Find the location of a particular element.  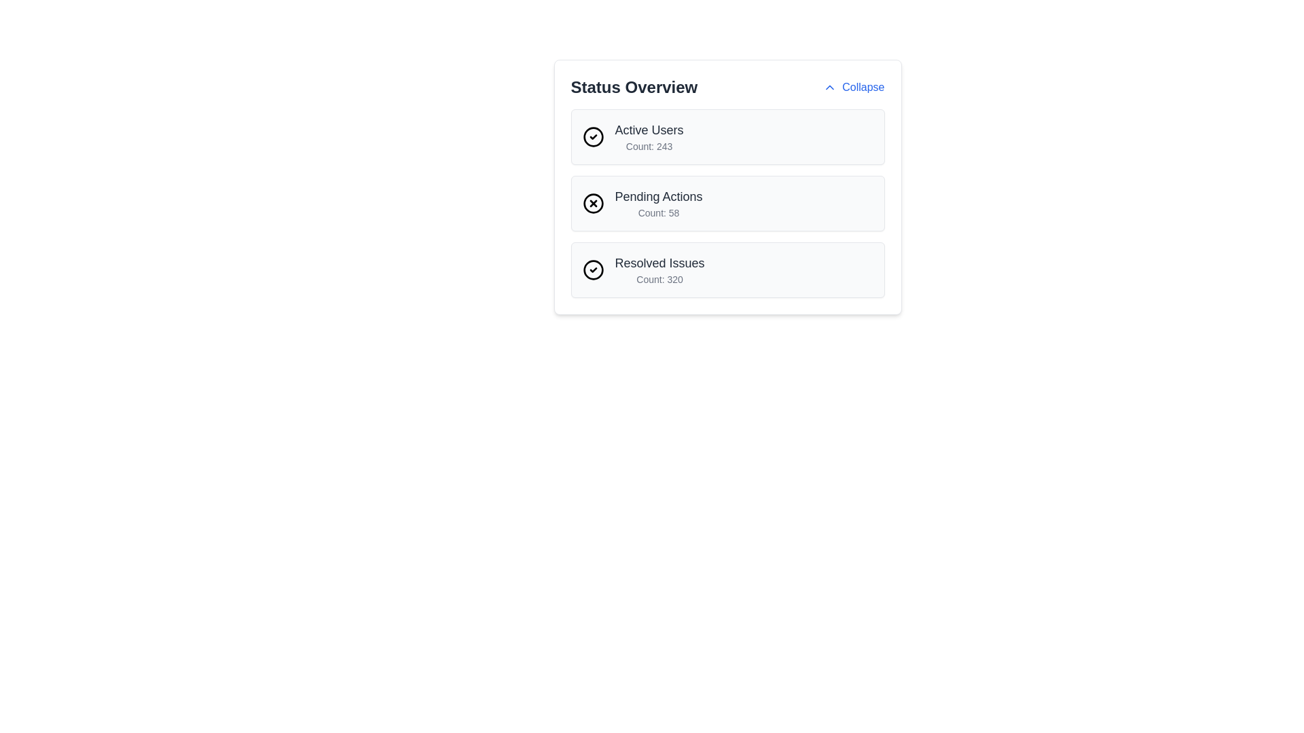

the circular section of the 'Pending Actions' icon in the 'Status Overview' dashboard widget is located at coordinates (593, 204).